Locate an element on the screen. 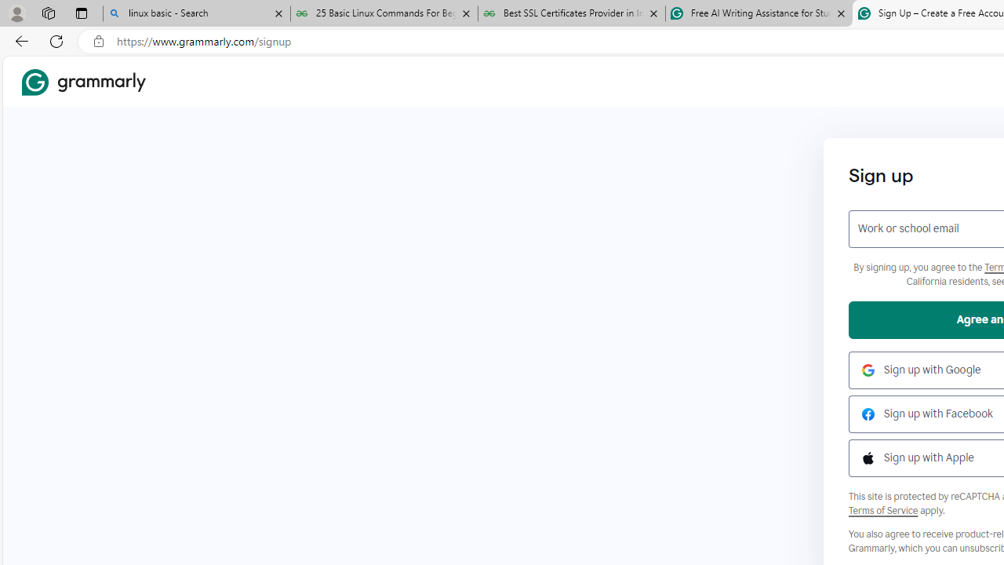 The width and height of the screenshot is (1004, 565). 'Best SSL Certificates Provider in India - GeeksforGeeks' is located at coordinates (571, 13).